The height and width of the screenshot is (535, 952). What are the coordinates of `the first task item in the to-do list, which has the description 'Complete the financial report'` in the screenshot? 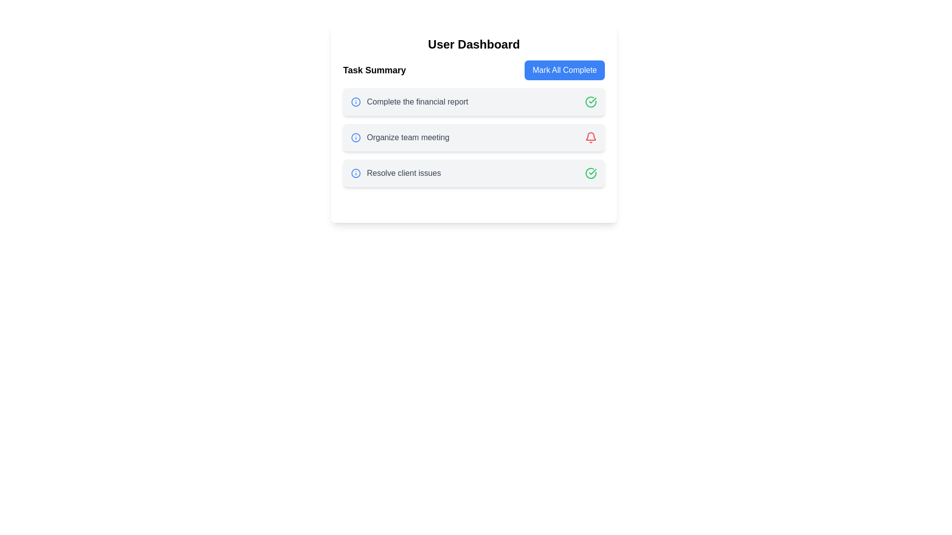 It's located at (473, 102).